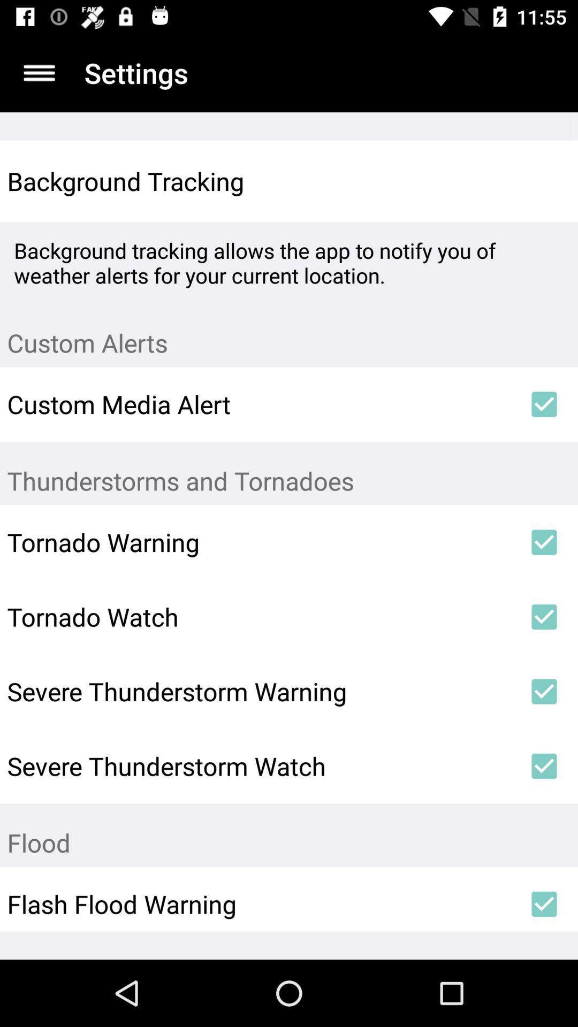  Describe the element at coordinates (544, 181) in the screenshot. I see `the icon next to the background tracking icon` at that location.